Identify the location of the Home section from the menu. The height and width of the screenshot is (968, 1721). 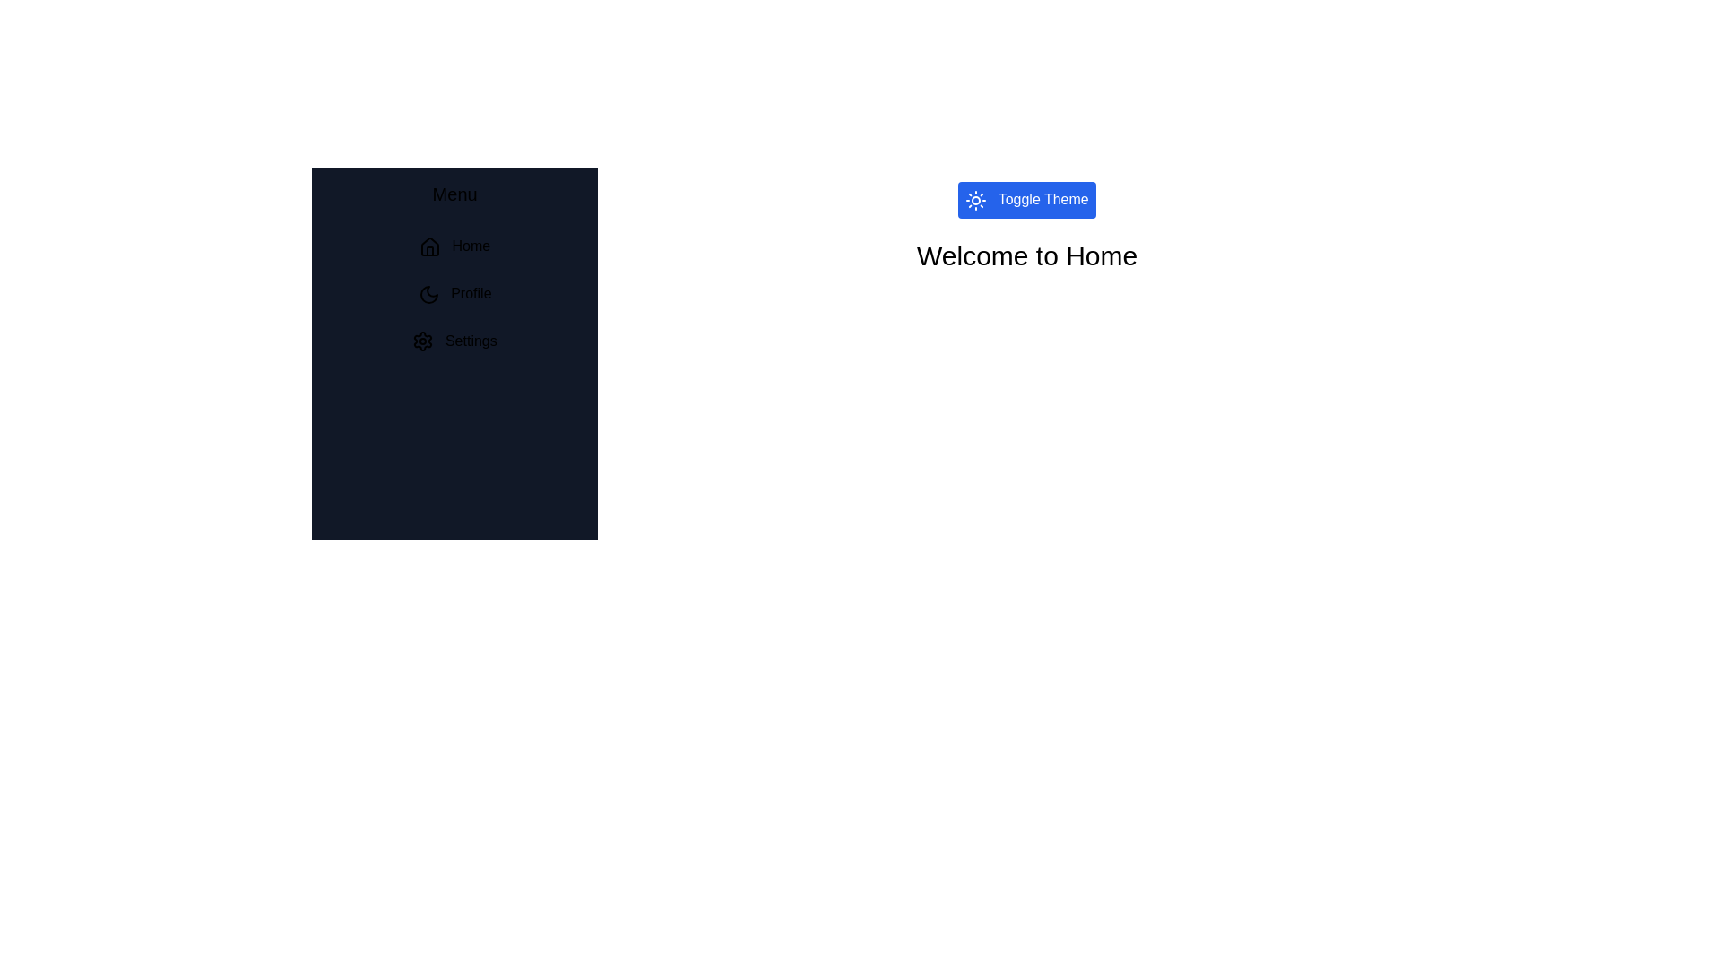
(454, 246).